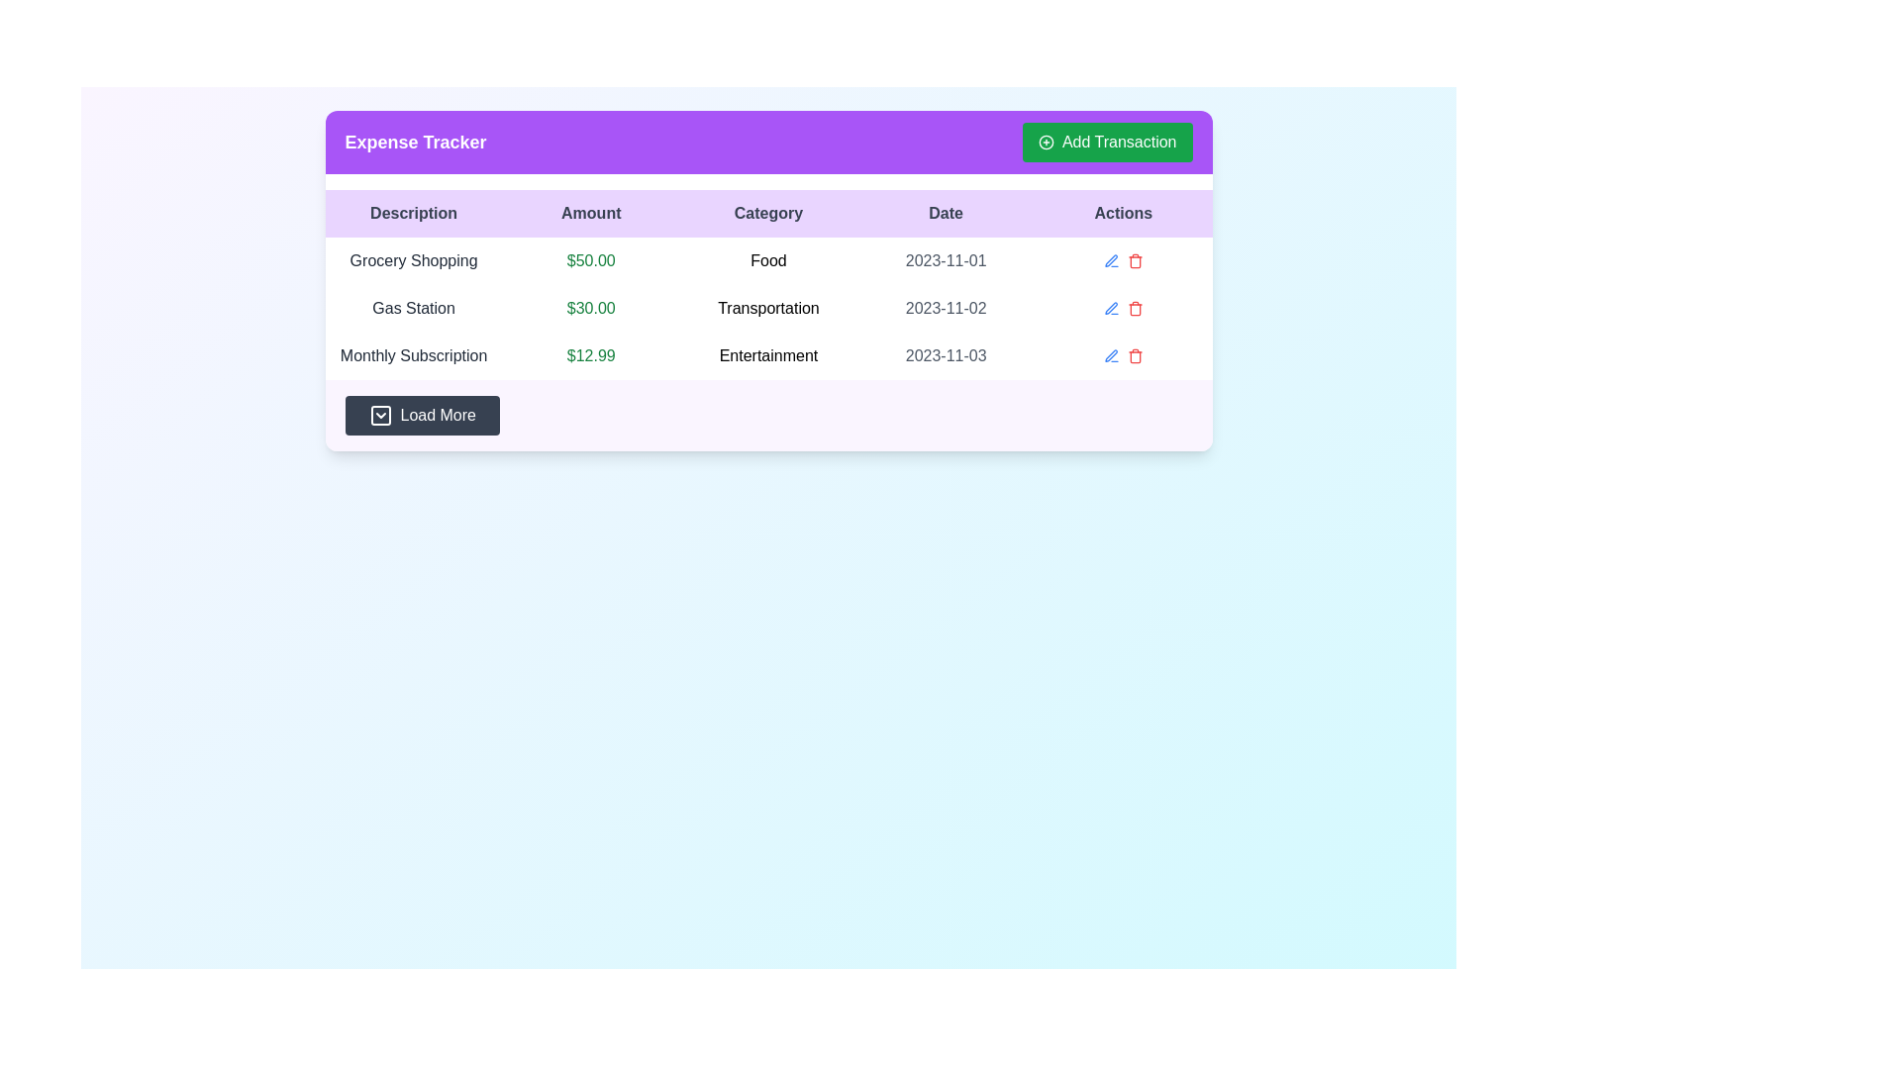  Describe the element at coordinates (767, 354) in the screenshot. I see `the third row of the table displaying the financial transaction 'Monthly Subscription'` at that location.